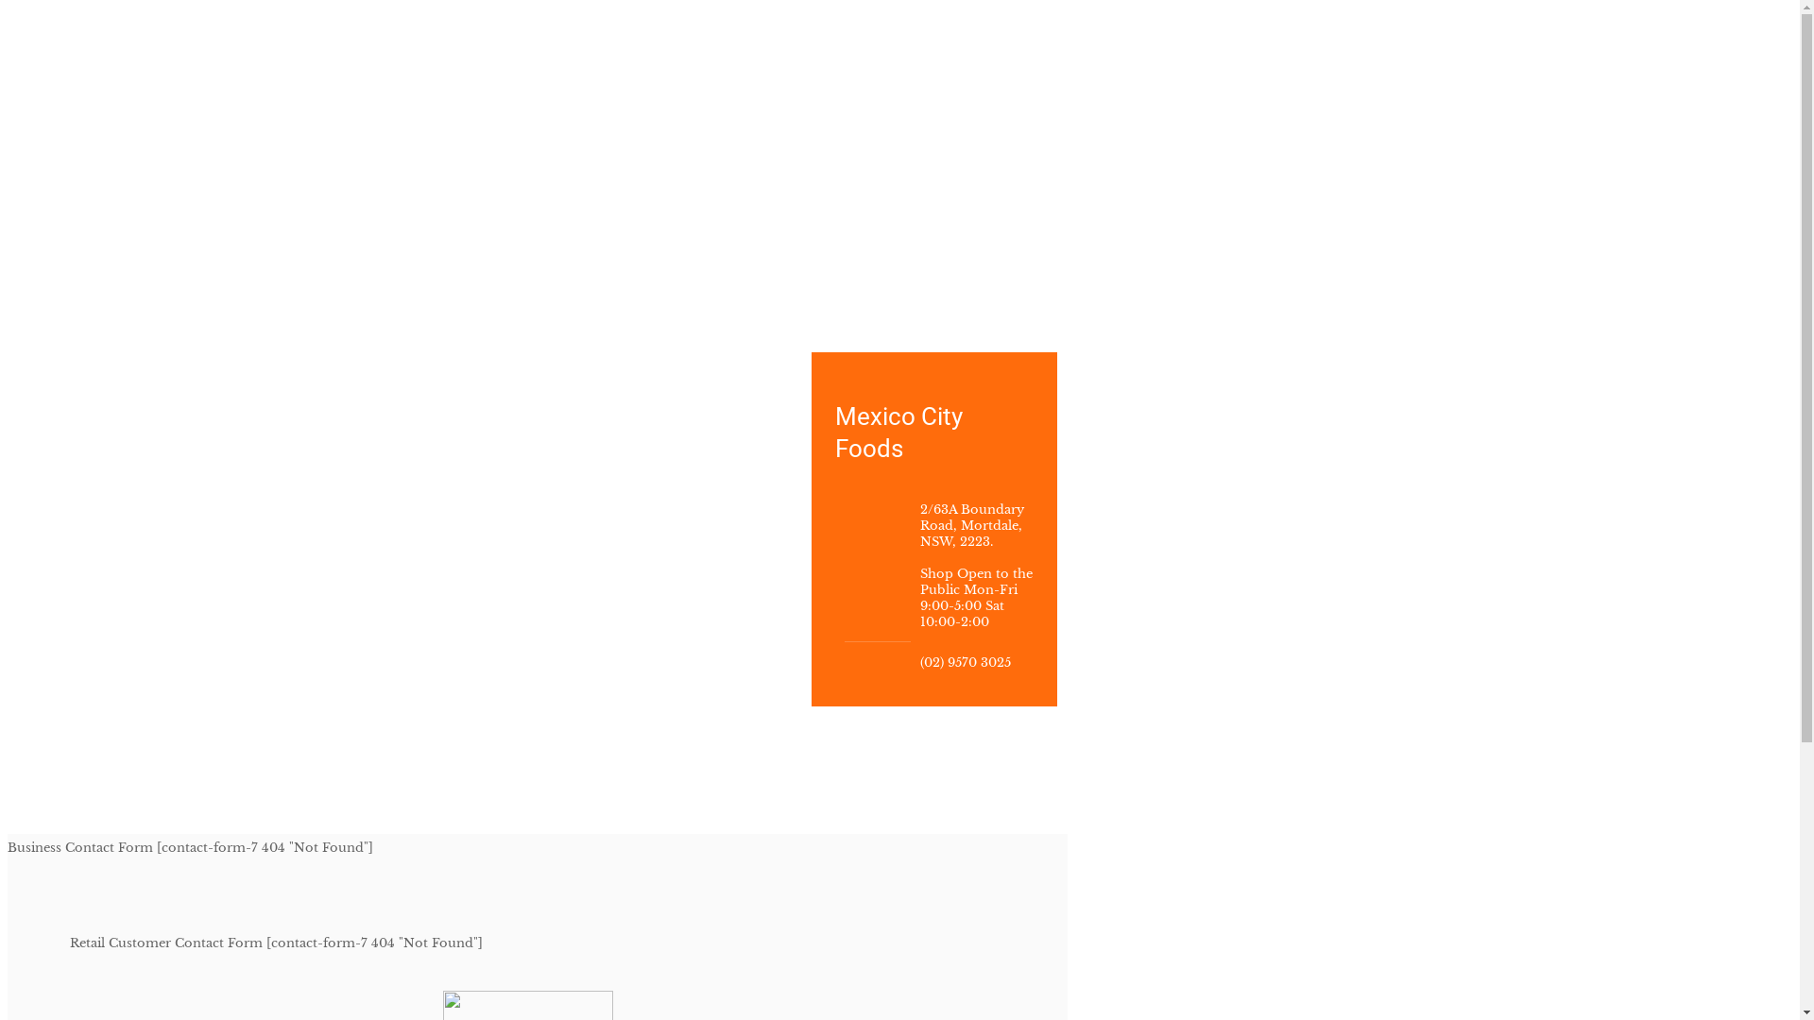 The image size is (1814, 1020). What do you see at coordinates (966, 661) in the screenshot?
I see `'(02) 9570 3025'` at bounding box center [966, 661].